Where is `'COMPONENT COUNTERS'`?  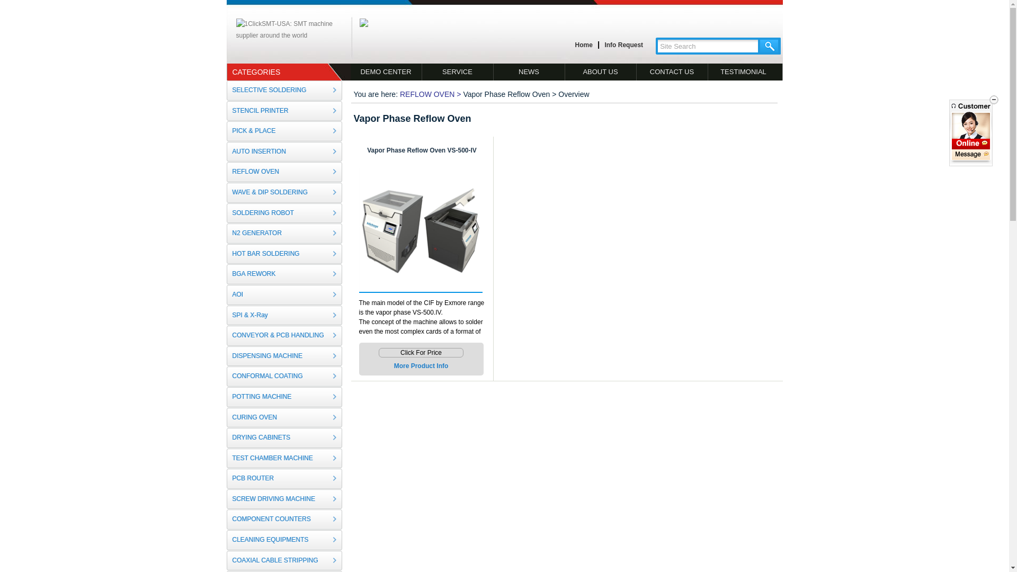 'COMPONENT COUNTERS' is located at coordinates (284, 519).